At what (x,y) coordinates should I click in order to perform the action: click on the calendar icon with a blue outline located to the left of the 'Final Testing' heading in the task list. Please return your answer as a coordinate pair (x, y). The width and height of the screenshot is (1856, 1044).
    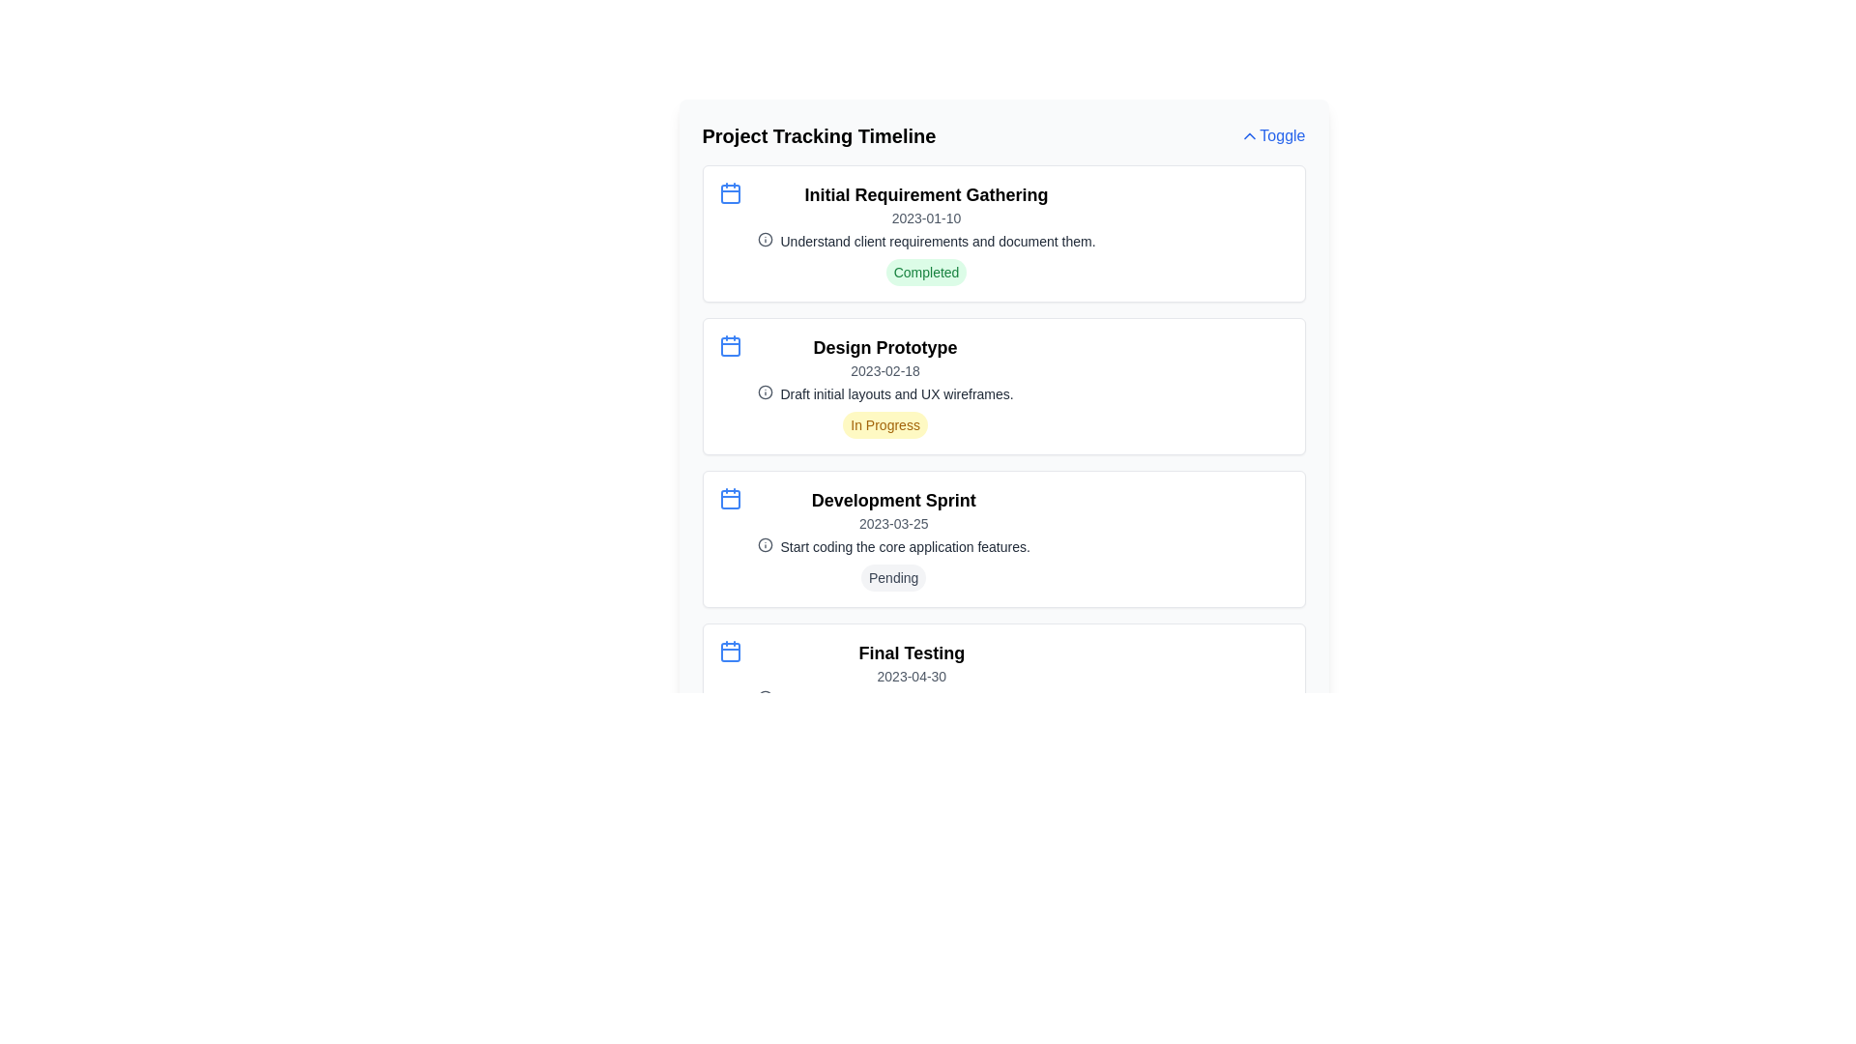
    Looking at the image, I should click on (729, 652).